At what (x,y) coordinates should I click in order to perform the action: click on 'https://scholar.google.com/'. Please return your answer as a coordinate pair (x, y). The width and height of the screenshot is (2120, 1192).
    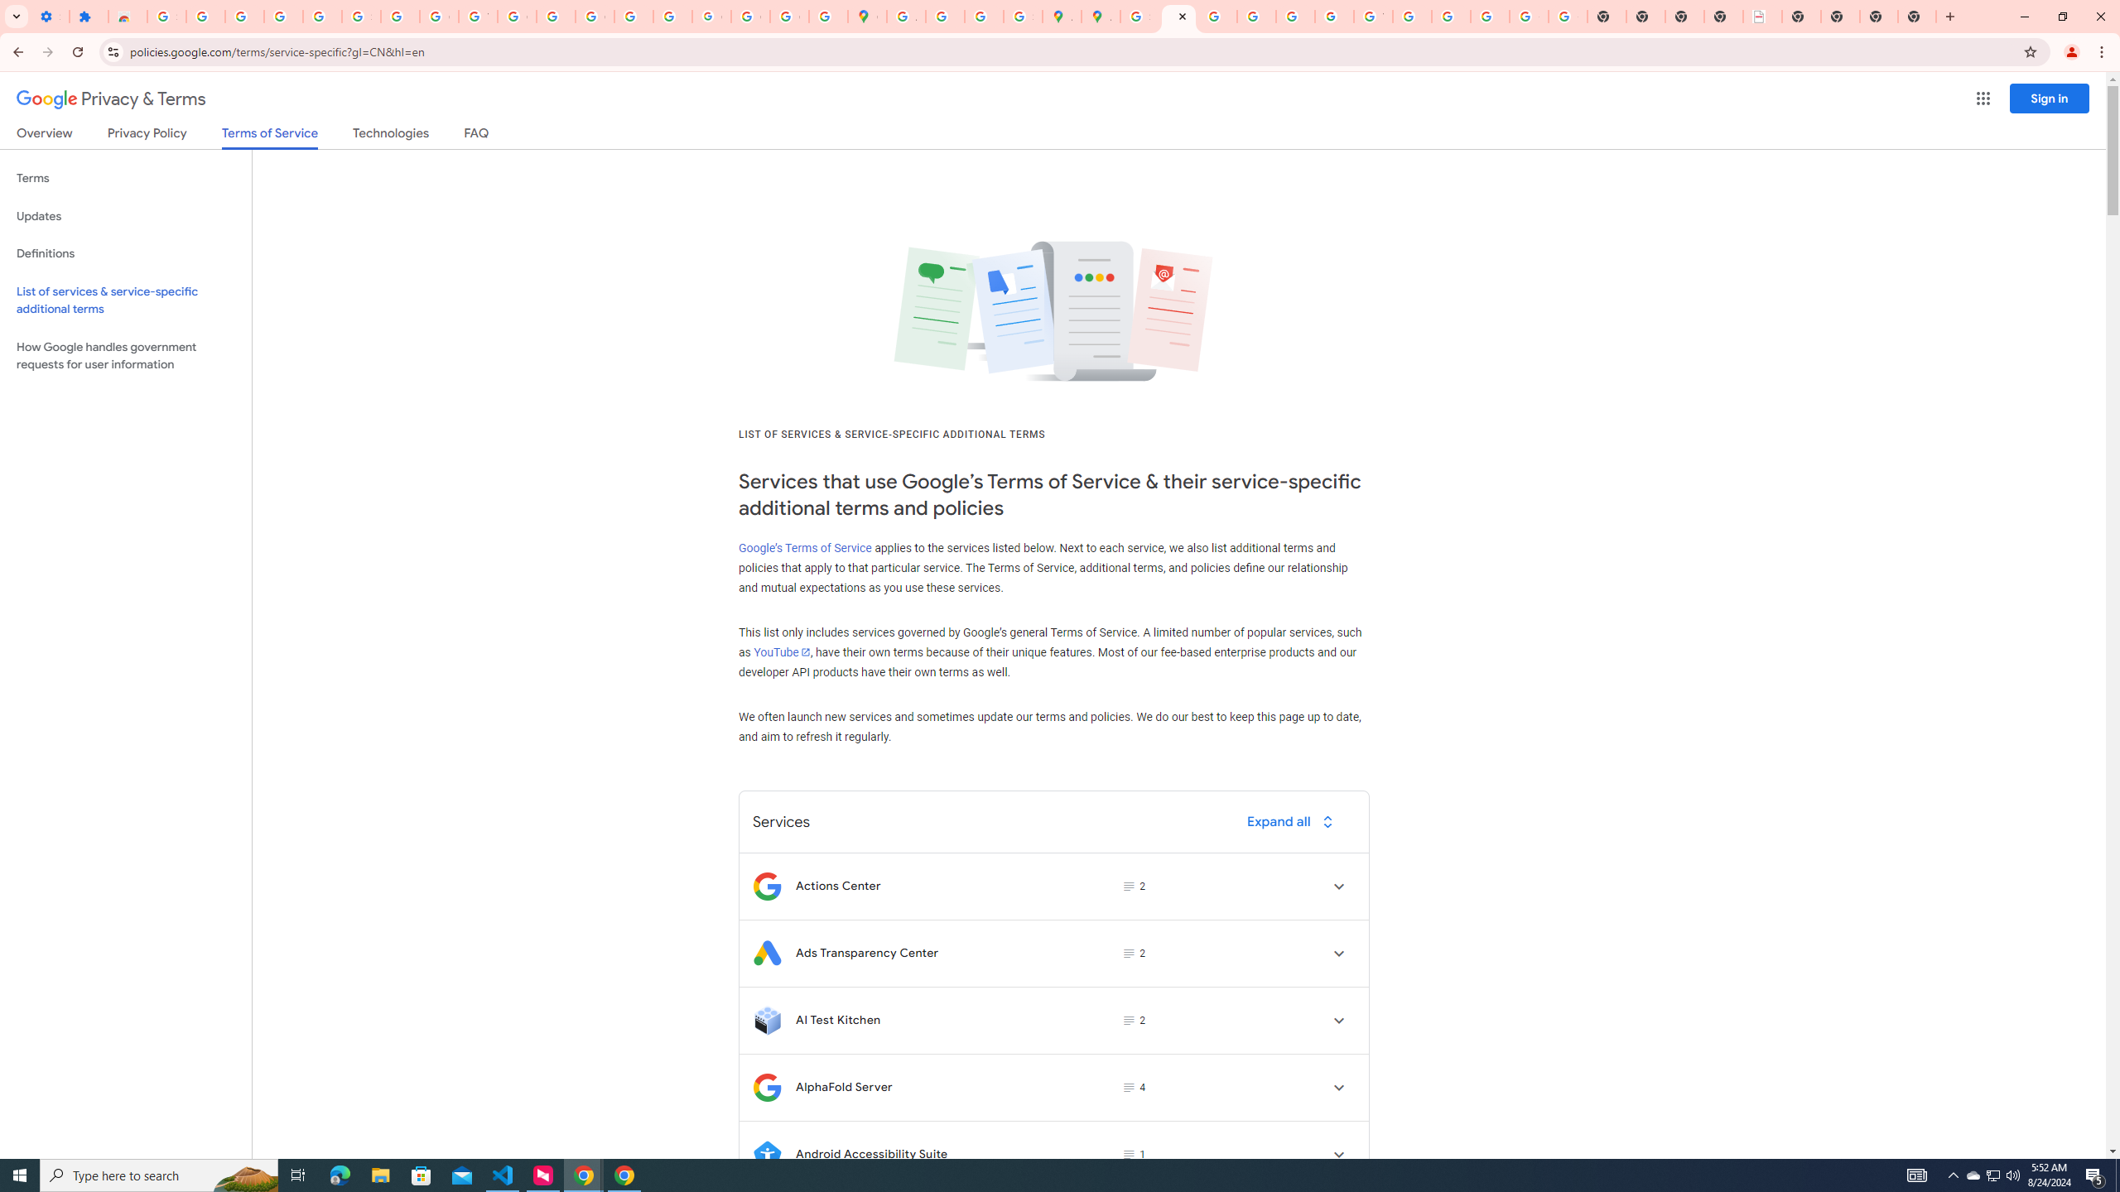
    Looking at the image, I should click on (556, 16).